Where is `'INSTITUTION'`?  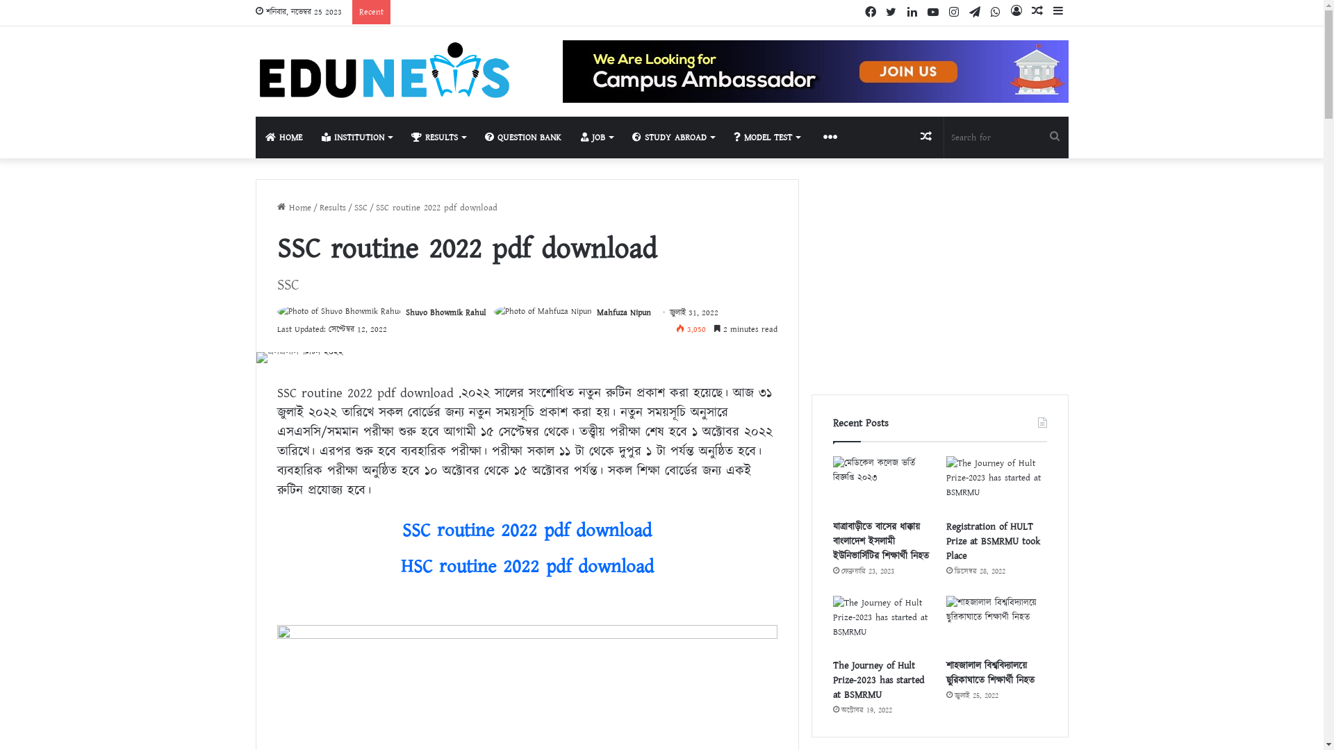 'INSTITUTION' is located at coordinates (356, 137).